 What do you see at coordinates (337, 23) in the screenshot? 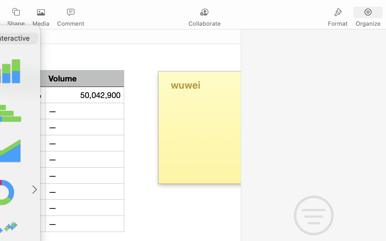
I see `'Format'` at bounding box center [337, 23].